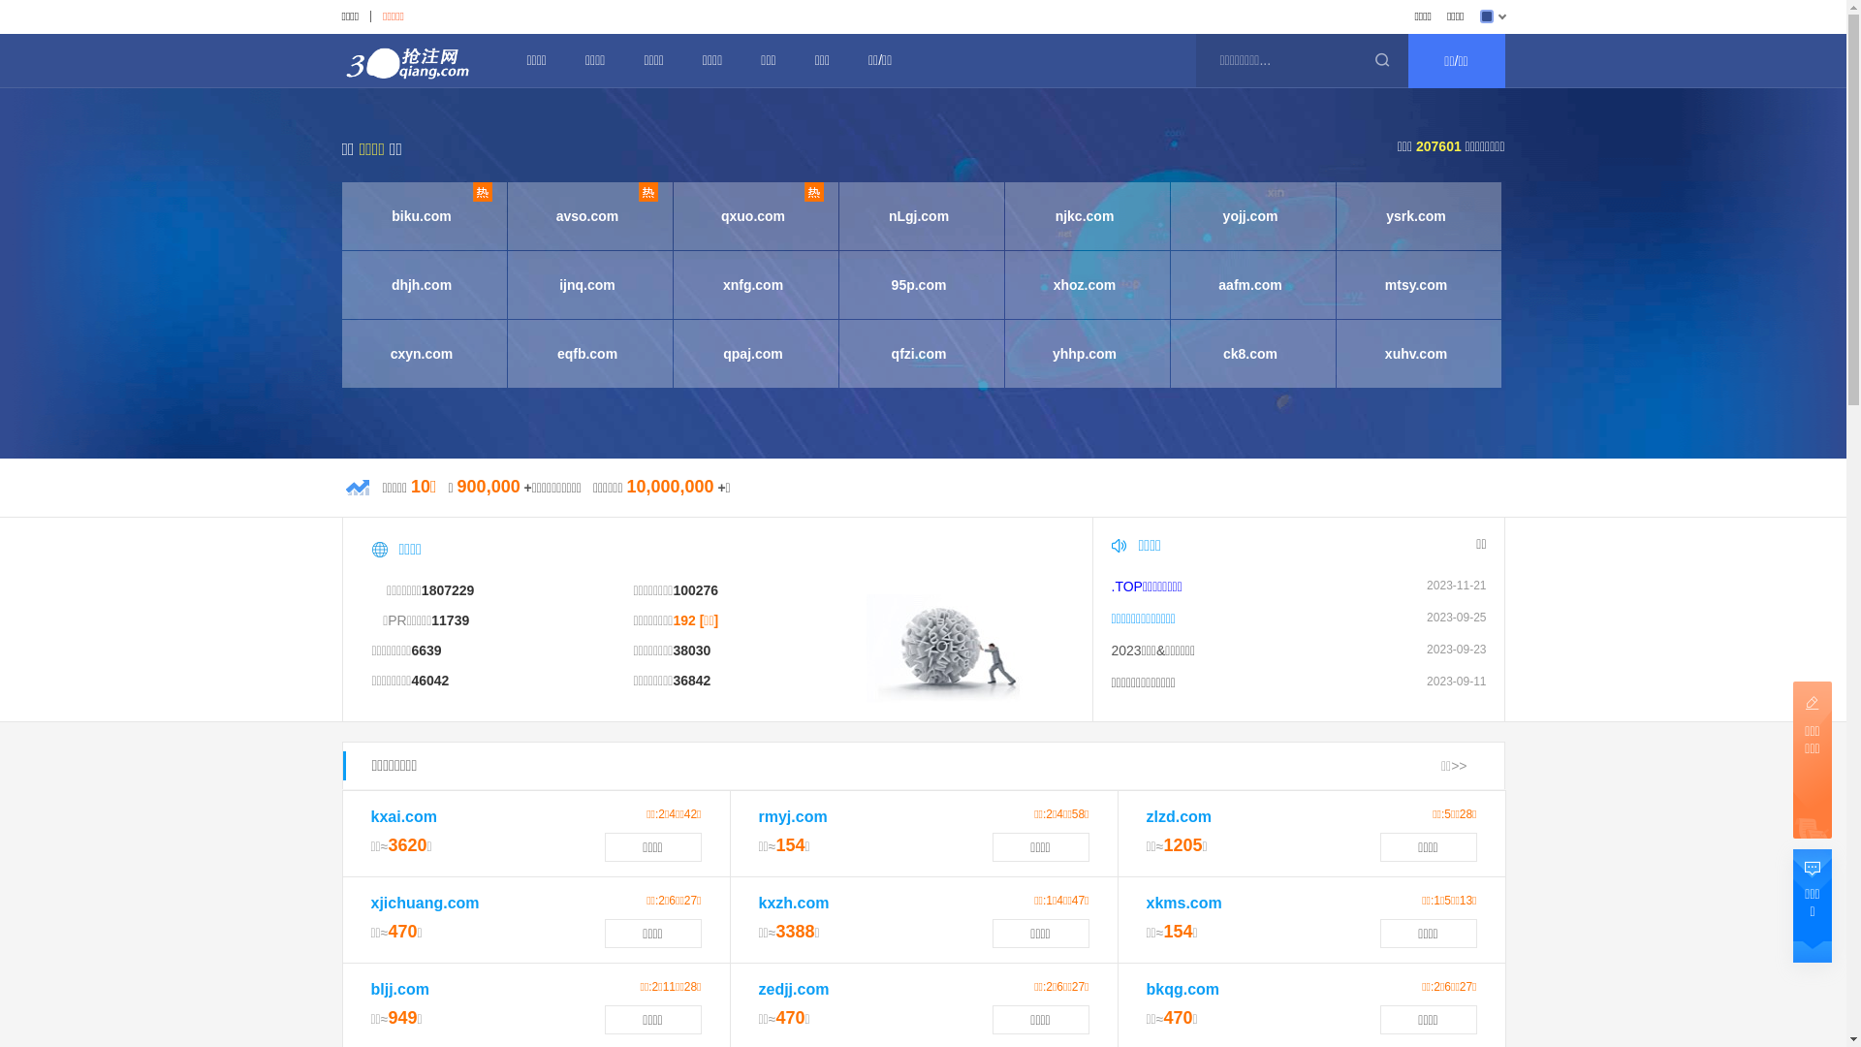  What do you see at coordinates (409, 650) in the screenshot?
I see `'6639'` at bounding box center [409, 650].